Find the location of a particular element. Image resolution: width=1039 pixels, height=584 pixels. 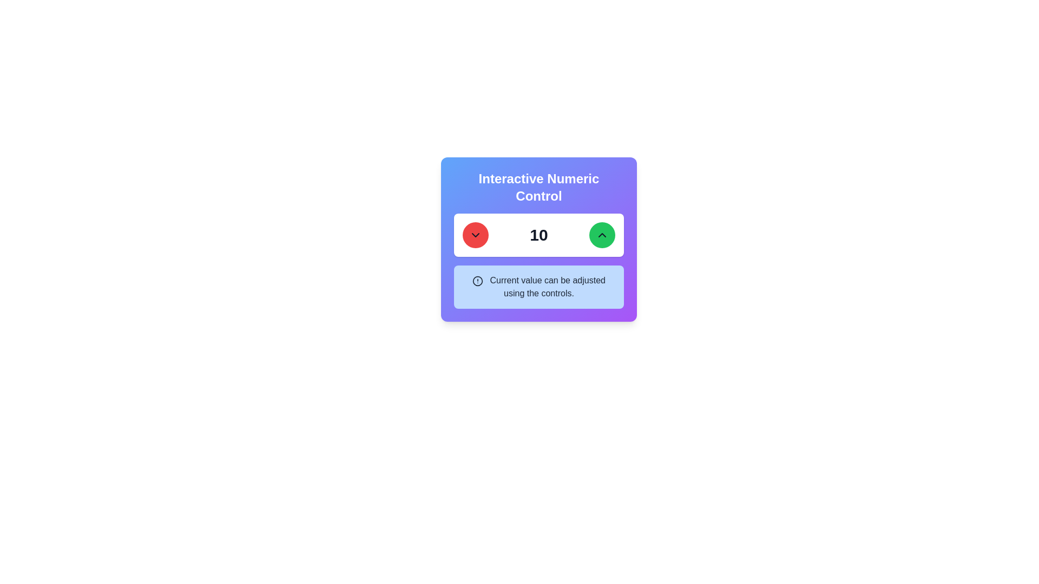

the circular marker icon, which features a bold ring and a centered dot, located towards the bottom section of the panel is located at coordinates (477, 280).